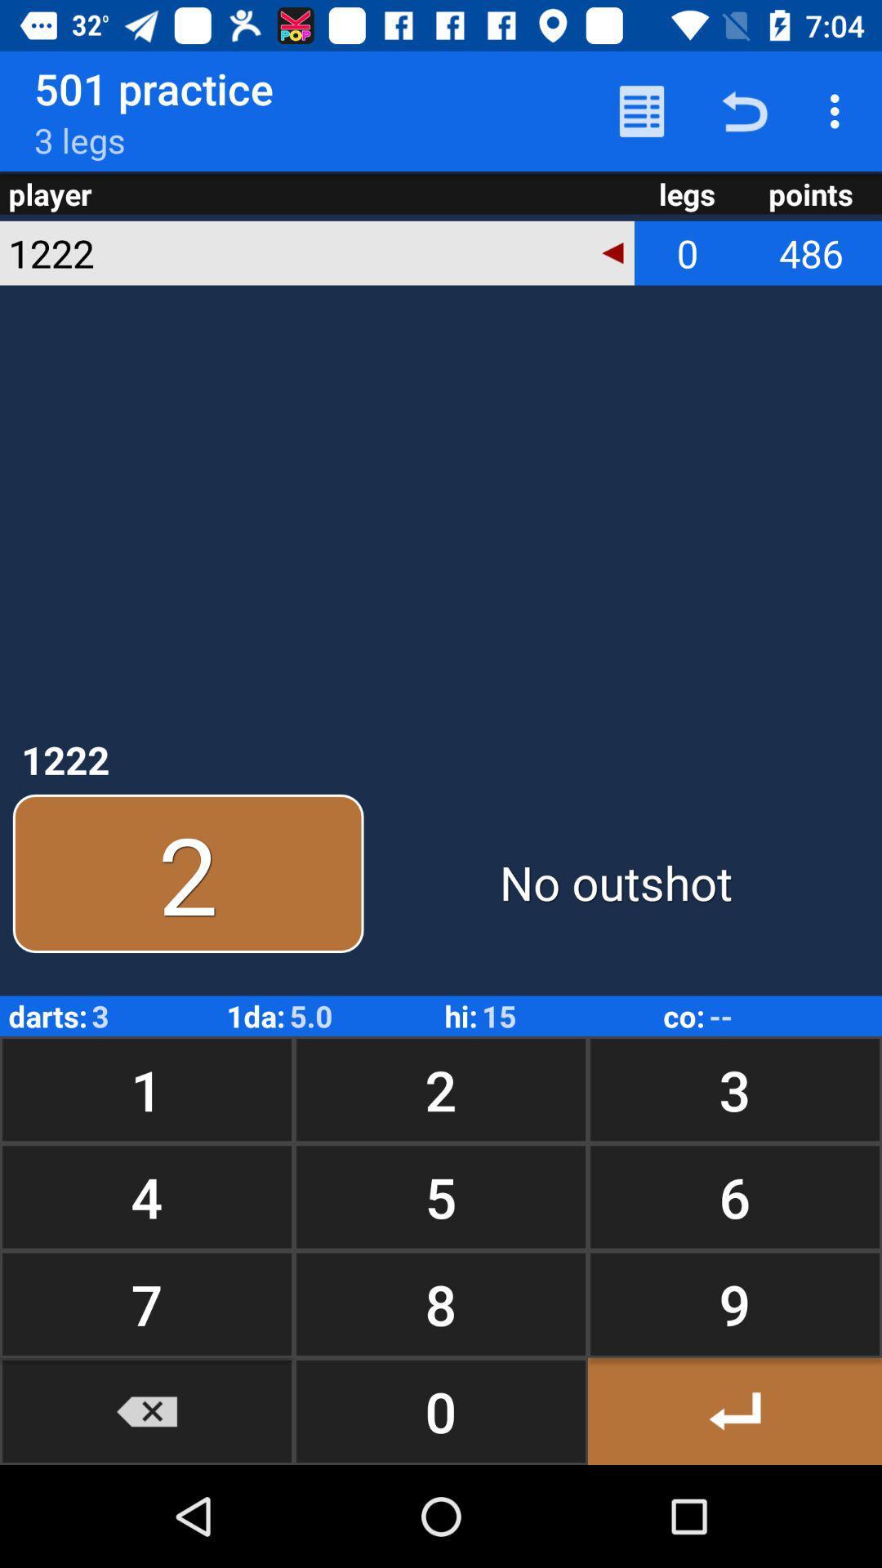 This screenshot has width=882, height=1568. I want to click on go back, so click(733, 1410).